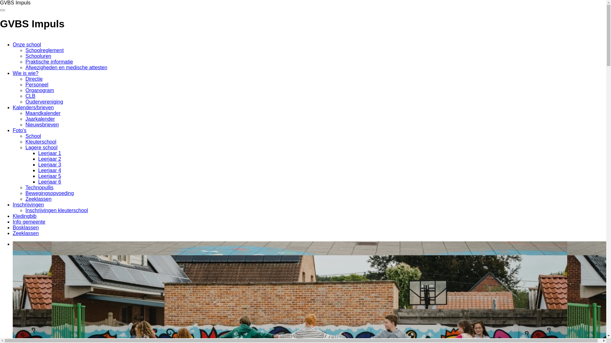  I want to click on 'Bewegingsopvoeding', so click(49, 193).